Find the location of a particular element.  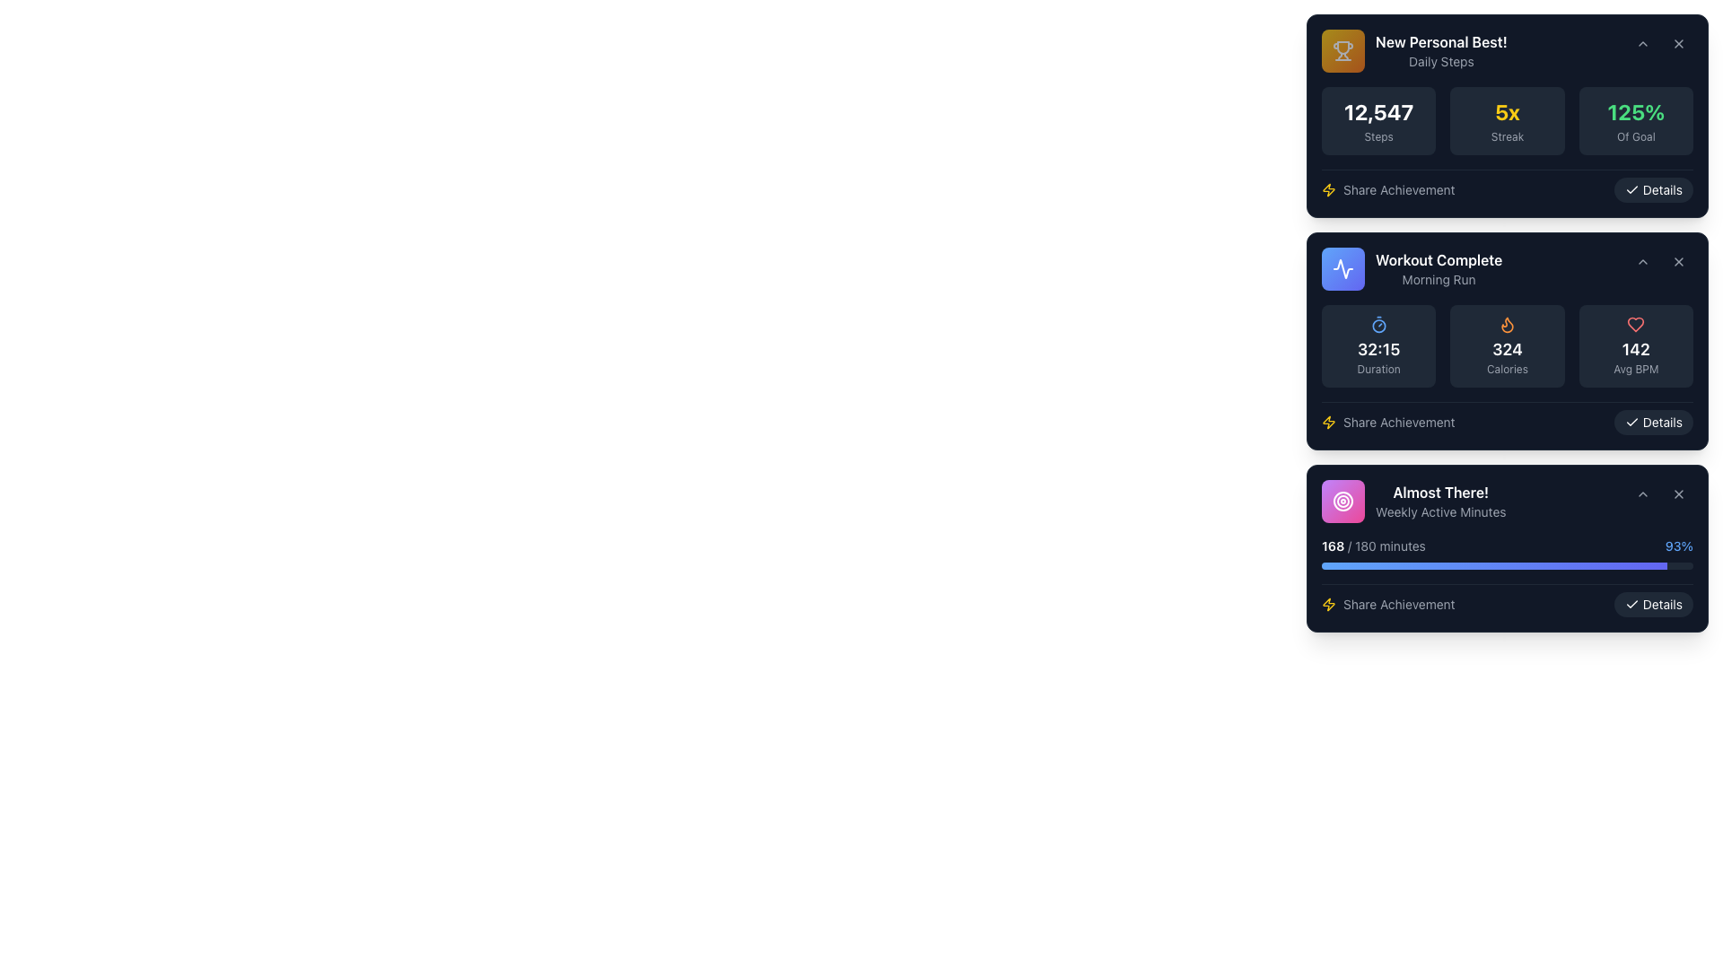

the Text Label with Icon located at the bottom-left section of the card layout is located at coordinates (1387, 190).